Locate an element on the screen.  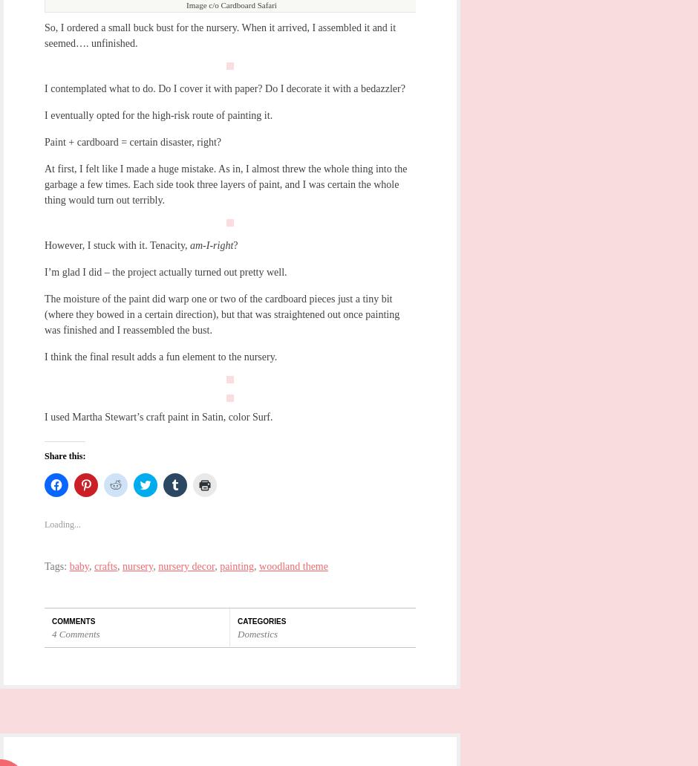
'baby' is located at coordinates (79, 565).